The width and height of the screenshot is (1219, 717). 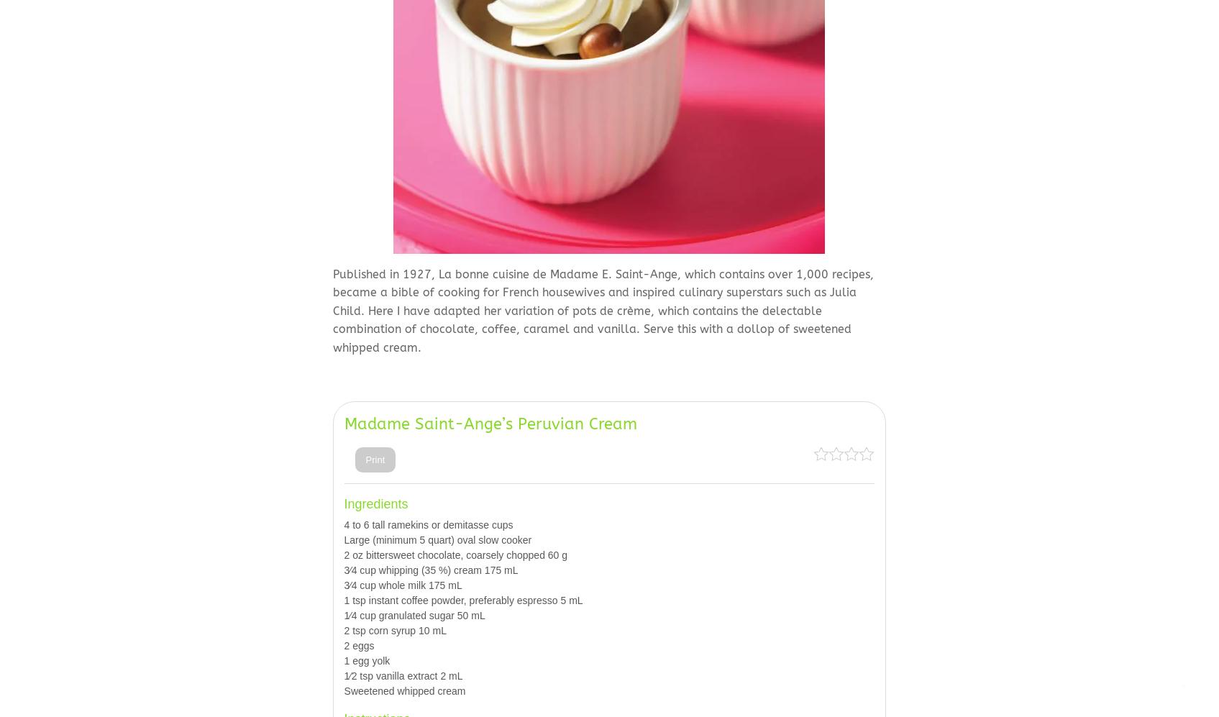 I want to click on 'Madame Saint-Ange’s Peruvian Cream', so click(x=490, y=424).